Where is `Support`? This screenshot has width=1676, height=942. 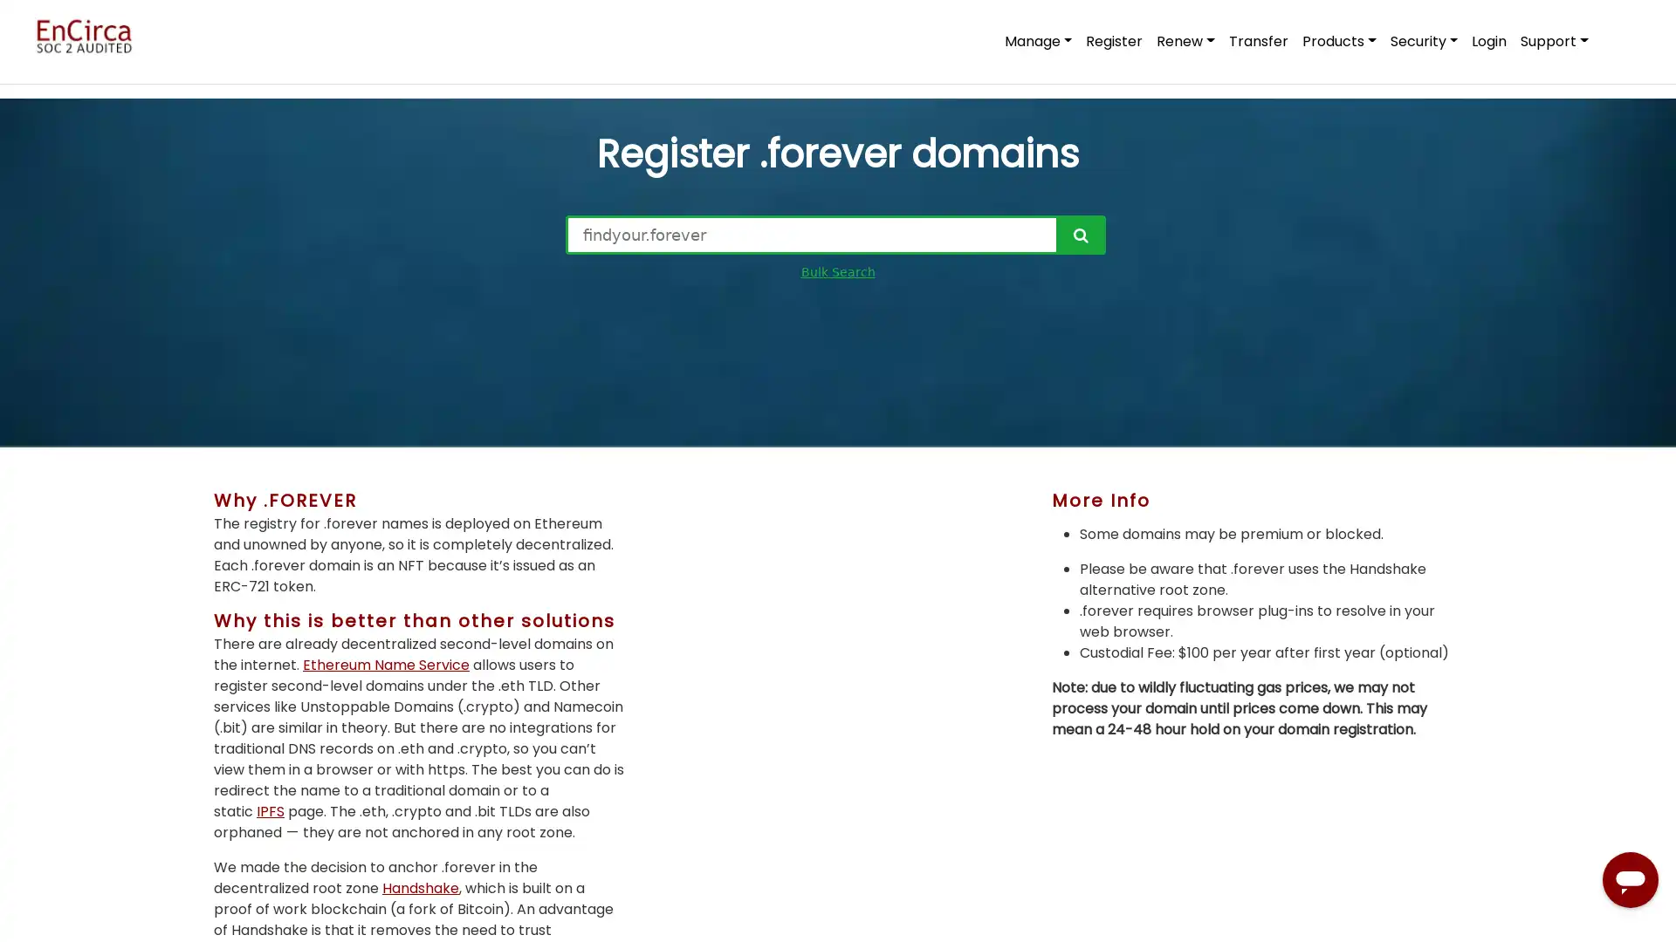
Support is located at coordinates (1554, 40).